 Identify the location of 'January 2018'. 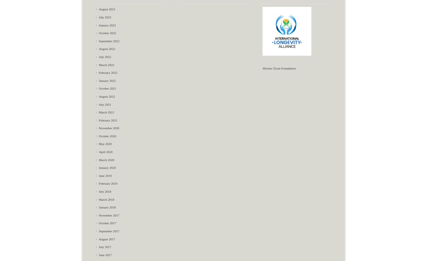
(99, 207).